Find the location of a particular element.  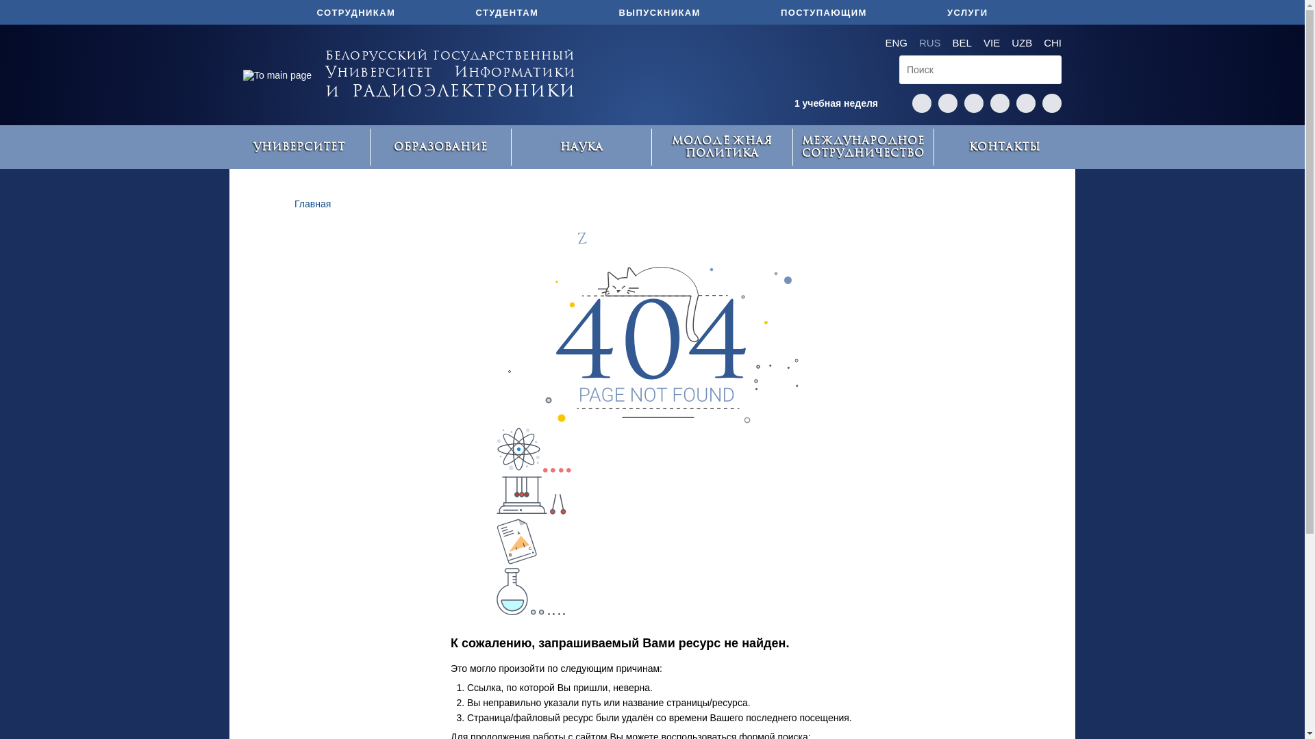

'ENG' is located at coordinates (884, 42).